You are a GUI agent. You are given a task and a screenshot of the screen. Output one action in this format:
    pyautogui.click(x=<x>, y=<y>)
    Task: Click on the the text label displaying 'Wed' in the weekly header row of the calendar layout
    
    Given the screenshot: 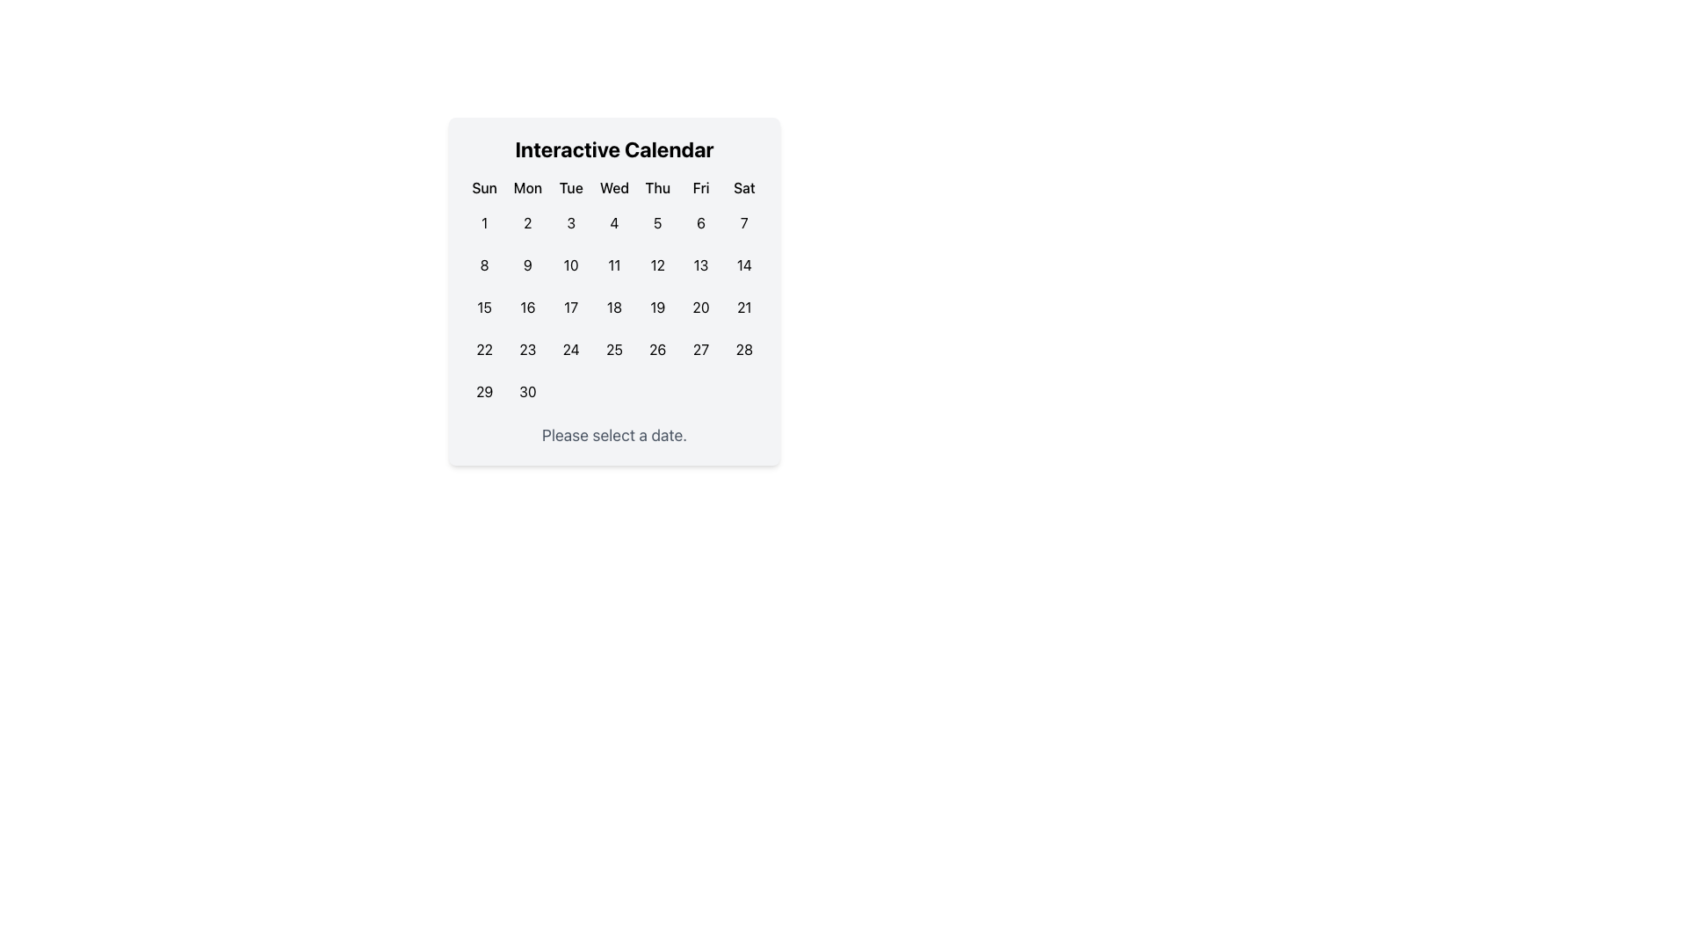 What is the action you would take?
    pyautogui.click(x=614, y=187)
    